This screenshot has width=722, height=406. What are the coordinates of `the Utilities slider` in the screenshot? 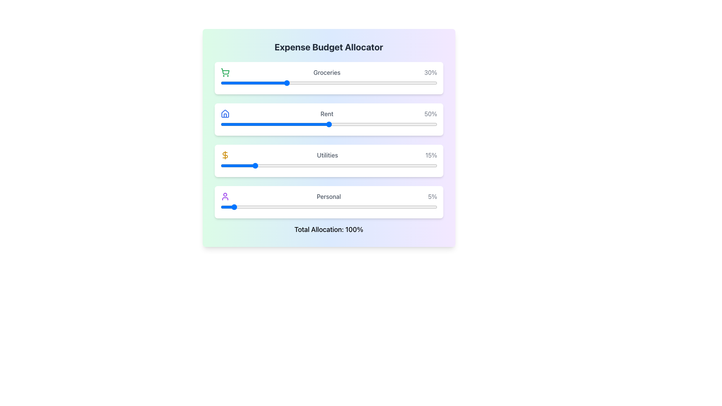 It's located at (300, 165).